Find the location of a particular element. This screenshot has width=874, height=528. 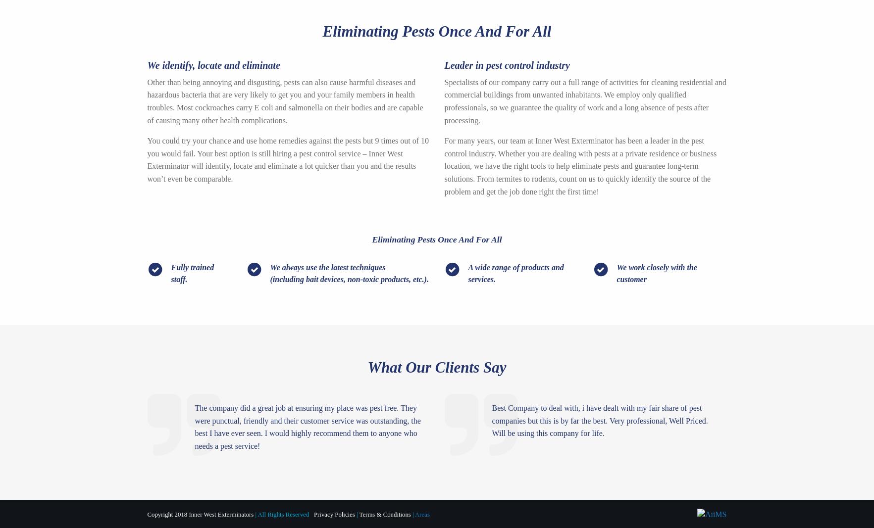

'Fully trained staff.' is located at coordinates (192, 273).